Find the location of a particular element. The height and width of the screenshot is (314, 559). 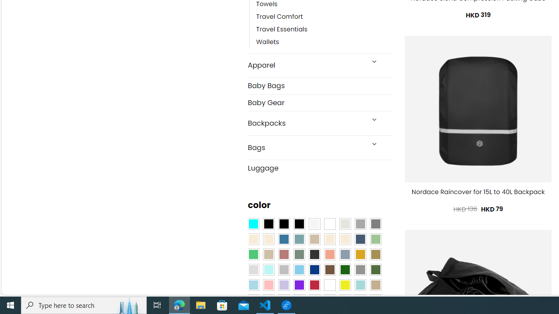

'Dusty Blue' is located at coordinates (344, 254).